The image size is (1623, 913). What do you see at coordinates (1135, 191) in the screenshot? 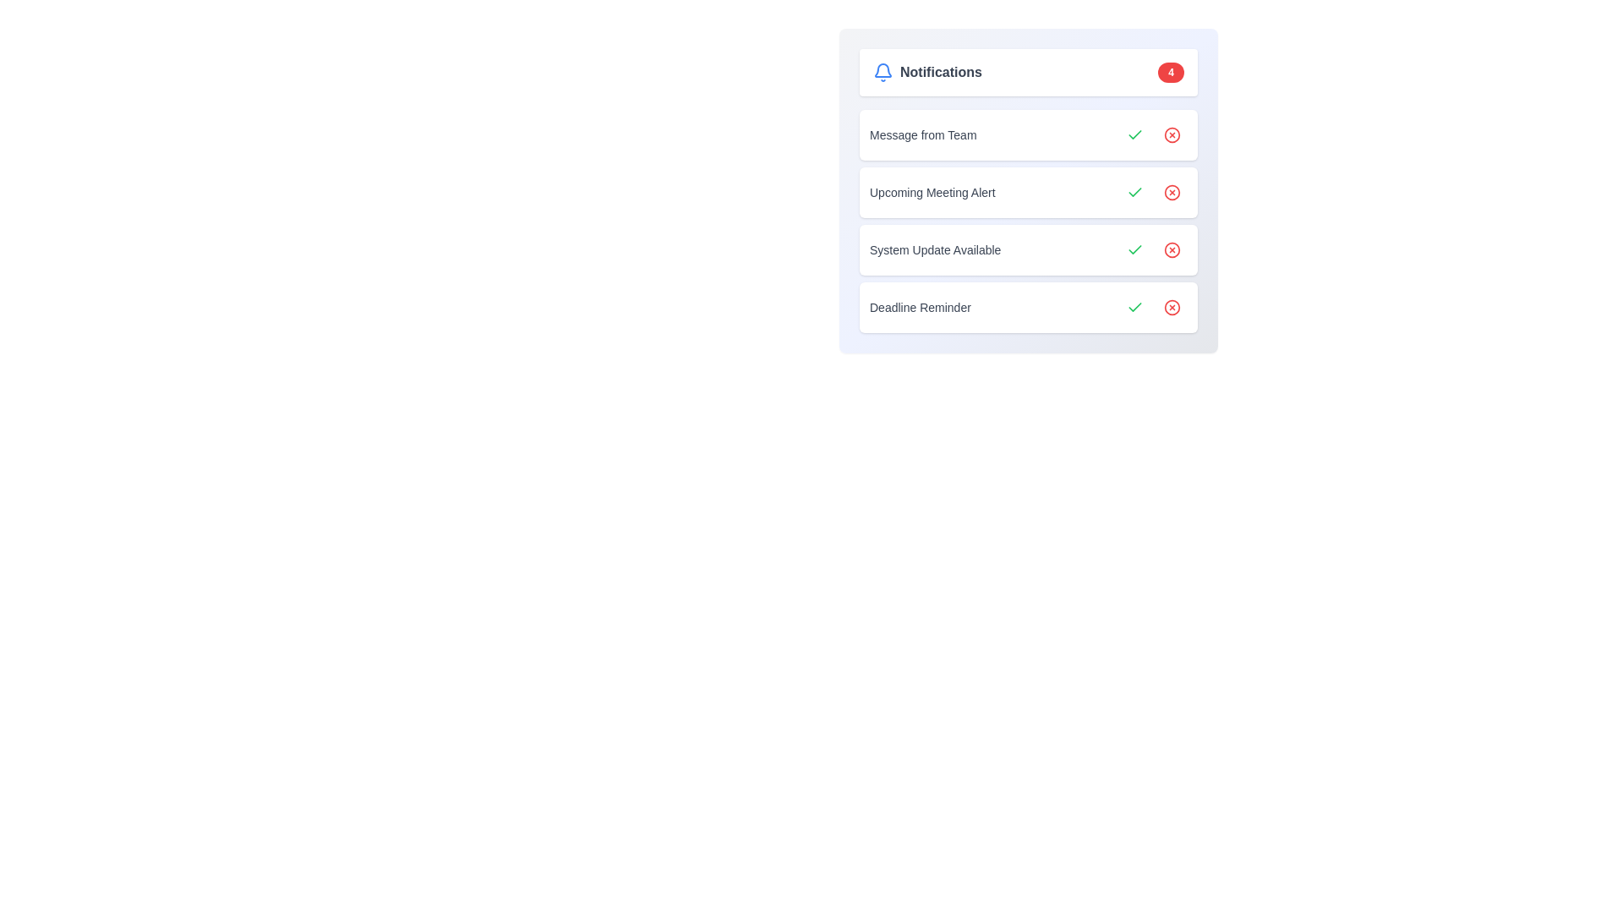
I see `the visual state of the SVG Icon indicating the completion or acknowledgment of the notification for 'Message from Team', which is the first entry in the list of notifications` at bounding box center [1135, 191].